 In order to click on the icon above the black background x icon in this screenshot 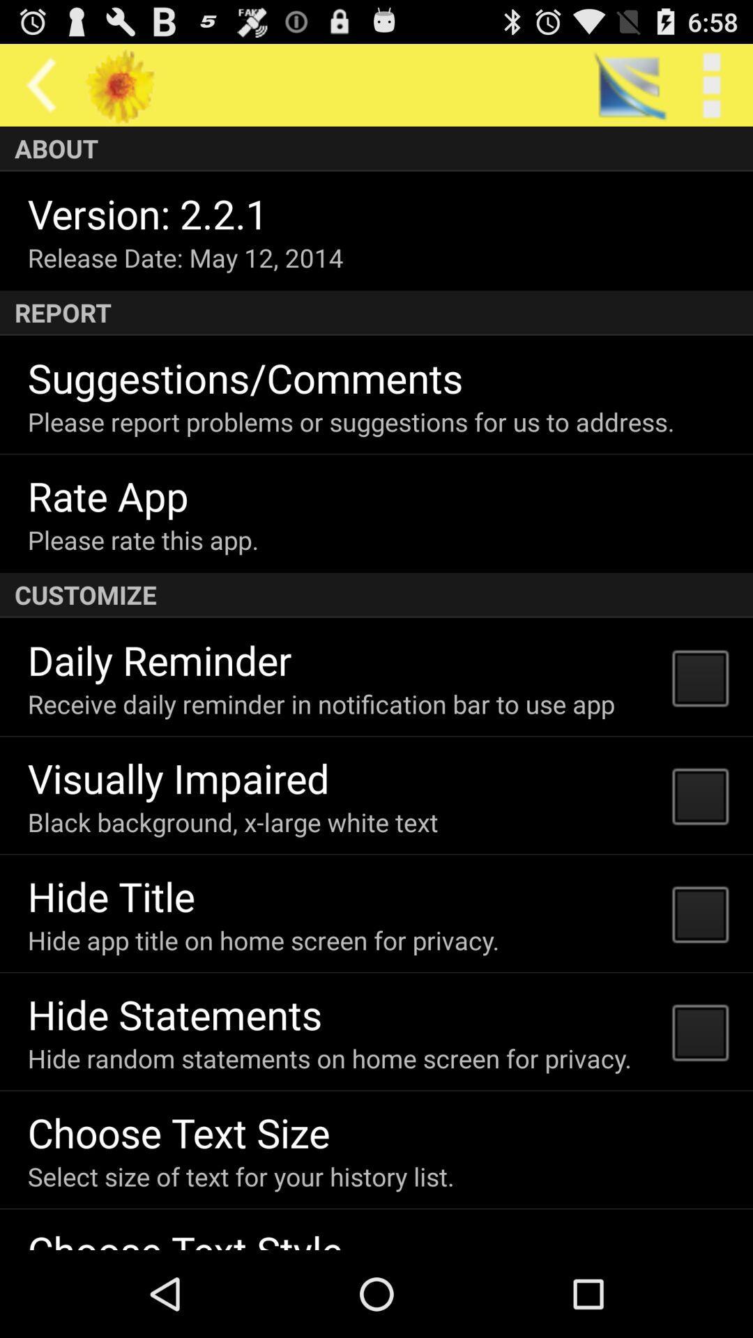, I will do `click(178, 777)`.